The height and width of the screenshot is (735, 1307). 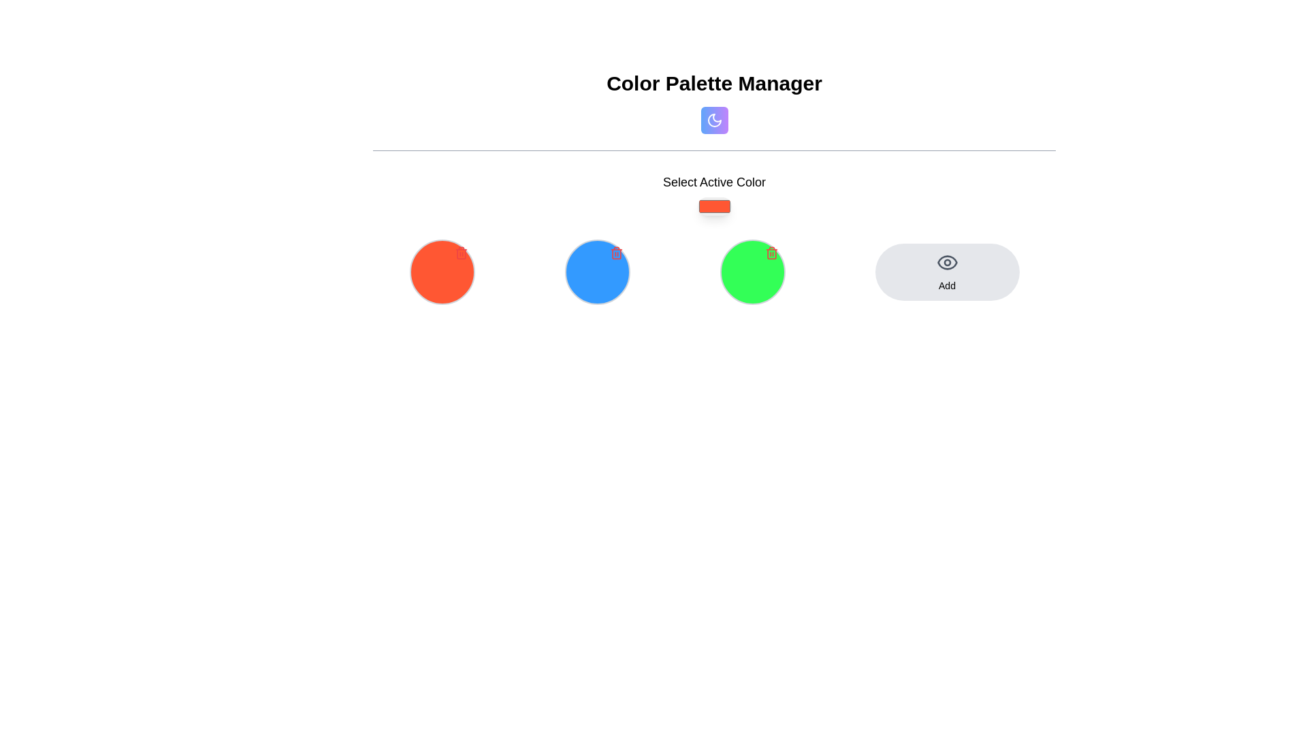 What do you see at coordinates (771, 252) in the screenshot?
I see `the trash can icon button located at the top-right corner of the circular green button` at bounding box center [771, 252].